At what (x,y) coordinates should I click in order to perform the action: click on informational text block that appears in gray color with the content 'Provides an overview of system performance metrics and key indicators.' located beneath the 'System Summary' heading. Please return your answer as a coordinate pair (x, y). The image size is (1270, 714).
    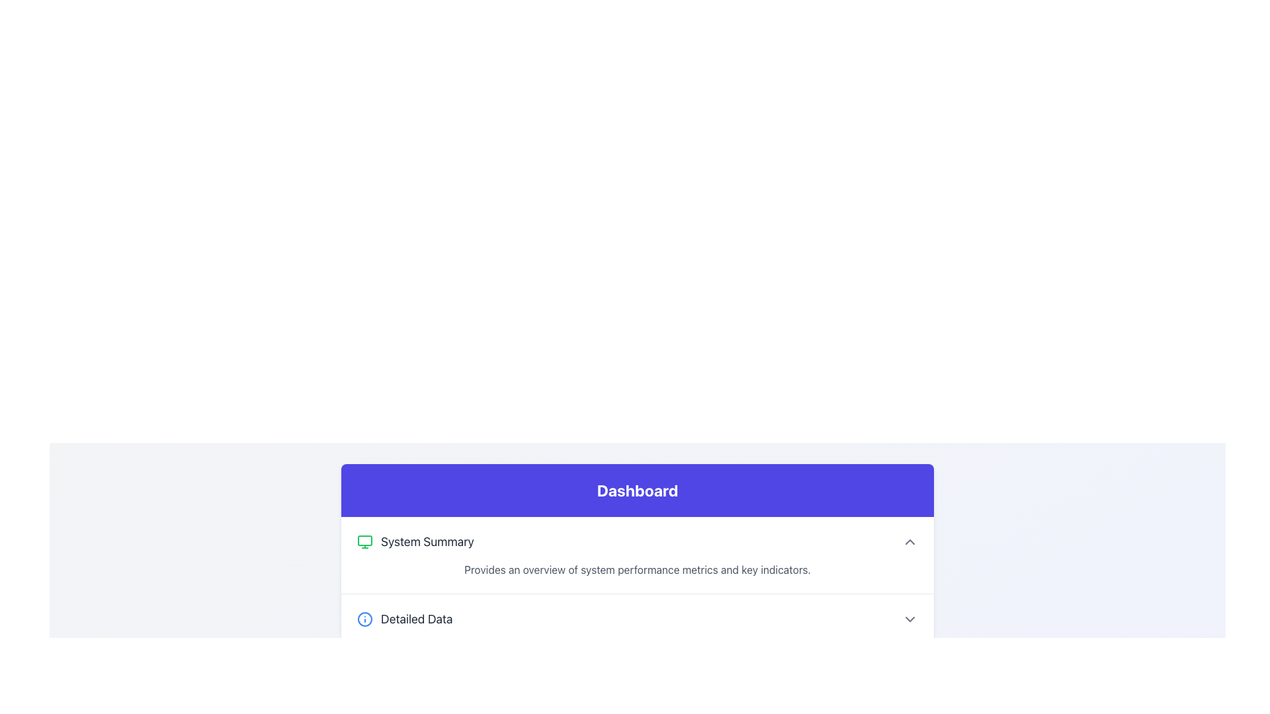
    Looking at the image, I should click on (638, 569).